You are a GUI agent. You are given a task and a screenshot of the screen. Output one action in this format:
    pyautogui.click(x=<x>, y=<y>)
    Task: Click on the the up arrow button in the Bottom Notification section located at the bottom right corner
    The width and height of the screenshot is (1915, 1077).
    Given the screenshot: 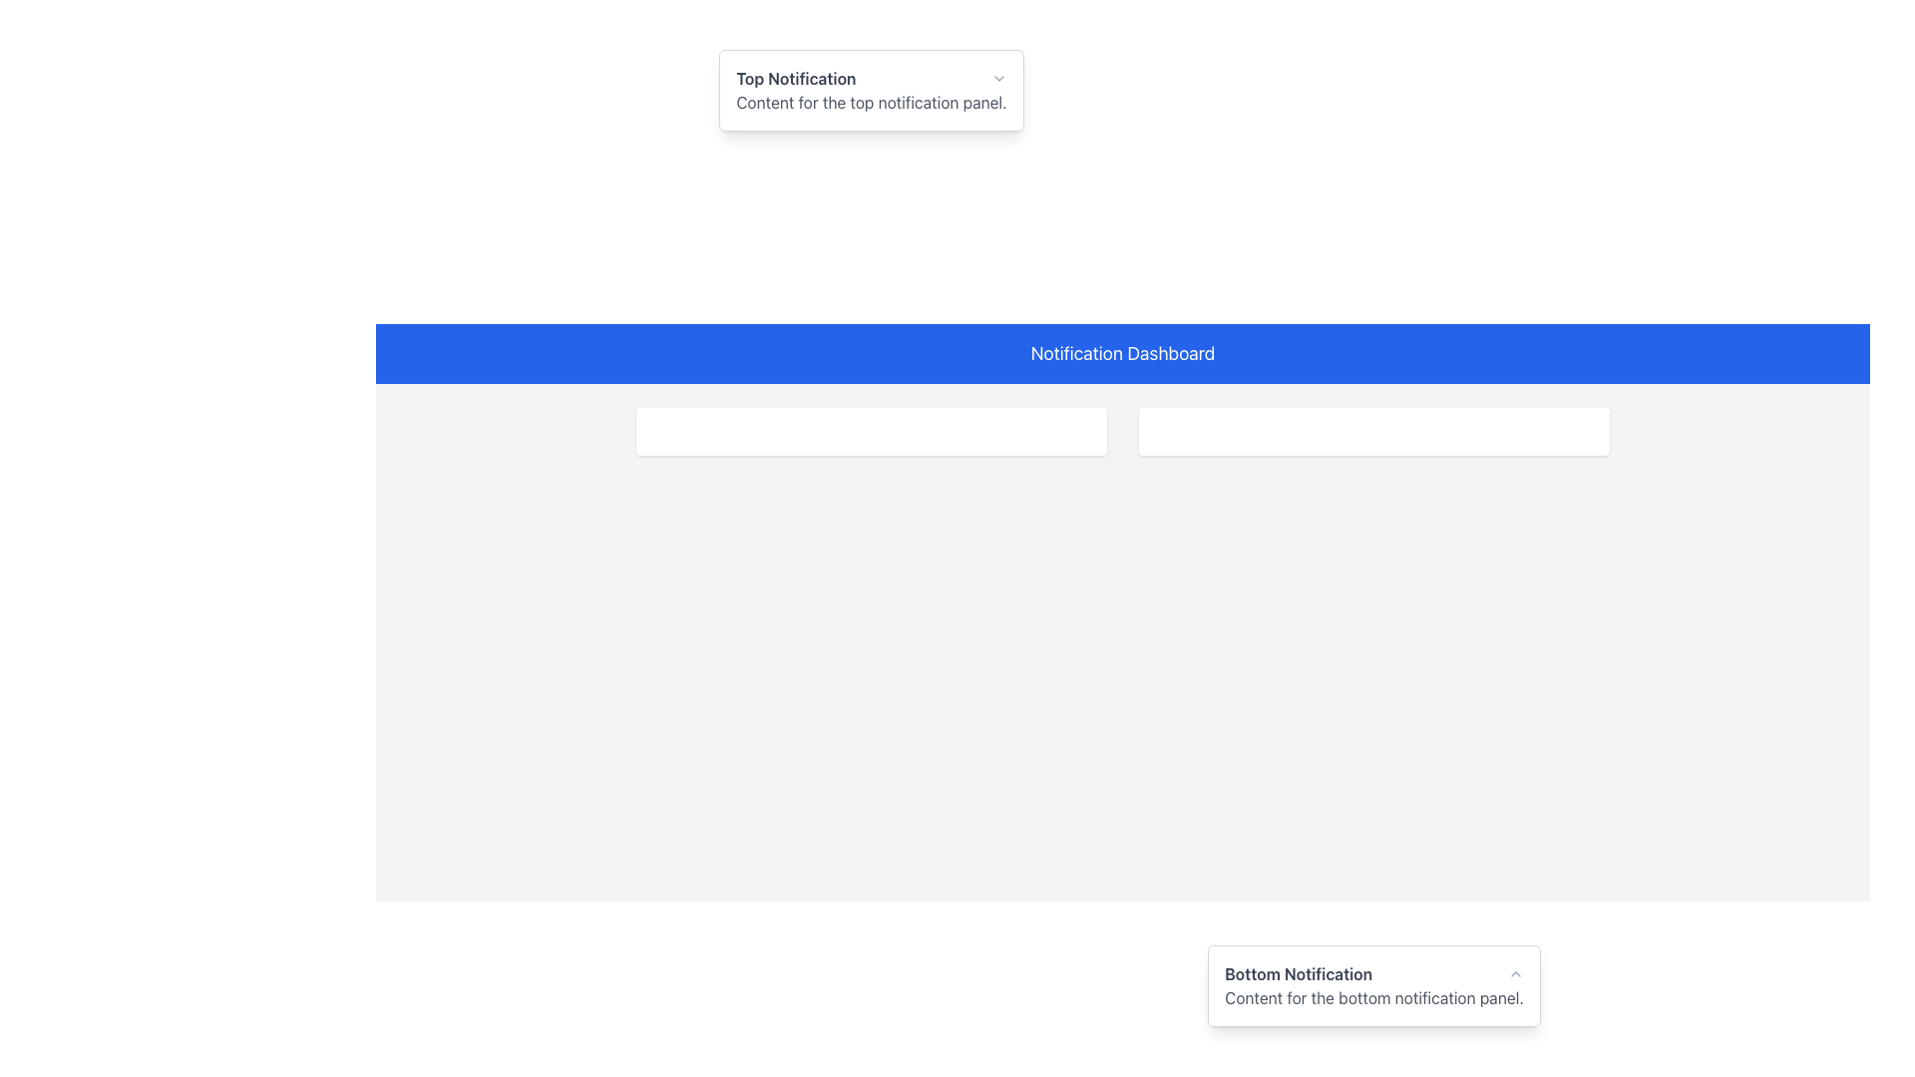 What is the action you would take?
    pyautogui.click(x=1515, y=972)
    